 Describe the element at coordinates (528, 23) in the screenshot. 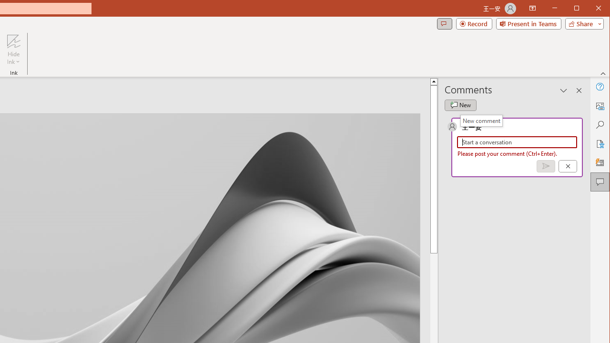

I see `'Present in Teams'` at that location.